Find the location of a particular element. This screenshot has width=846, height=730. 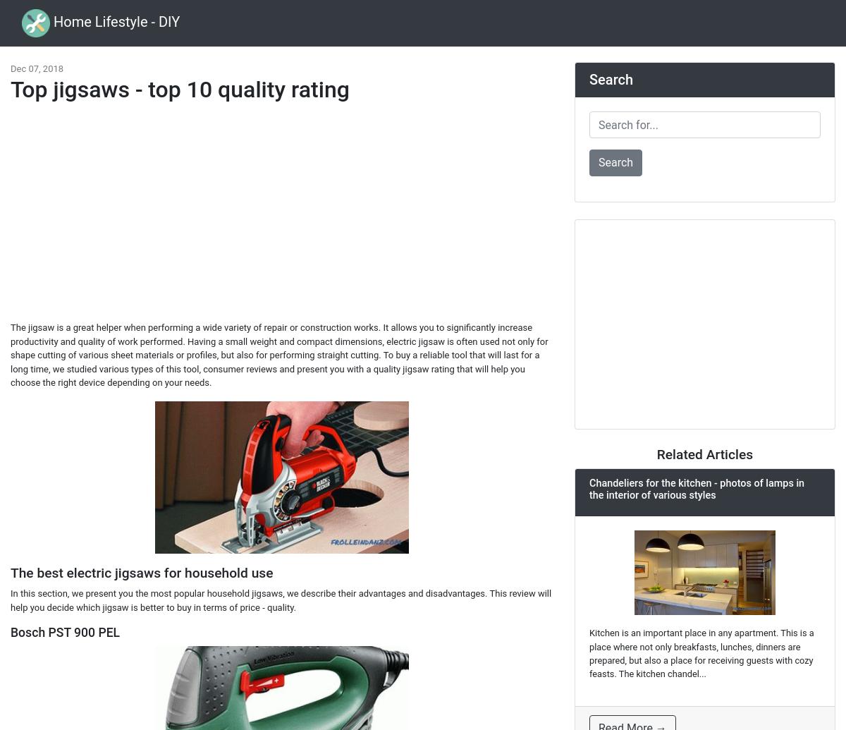

'Dec 07, 2018' is located at coordinates (37, 68).